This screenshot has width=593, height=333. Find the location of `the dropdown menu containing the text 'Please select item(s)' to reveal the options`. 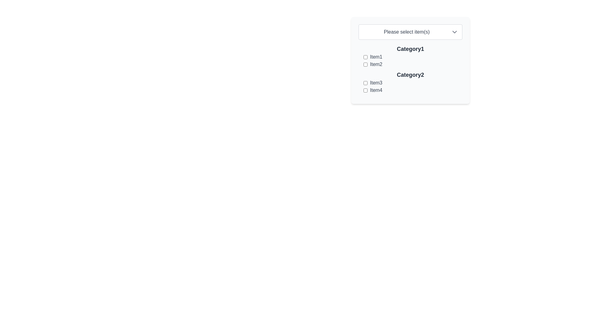

the dropdown menu containing the text 'Please select item(s)' to reveal the options is located at coordinates (406, 32).